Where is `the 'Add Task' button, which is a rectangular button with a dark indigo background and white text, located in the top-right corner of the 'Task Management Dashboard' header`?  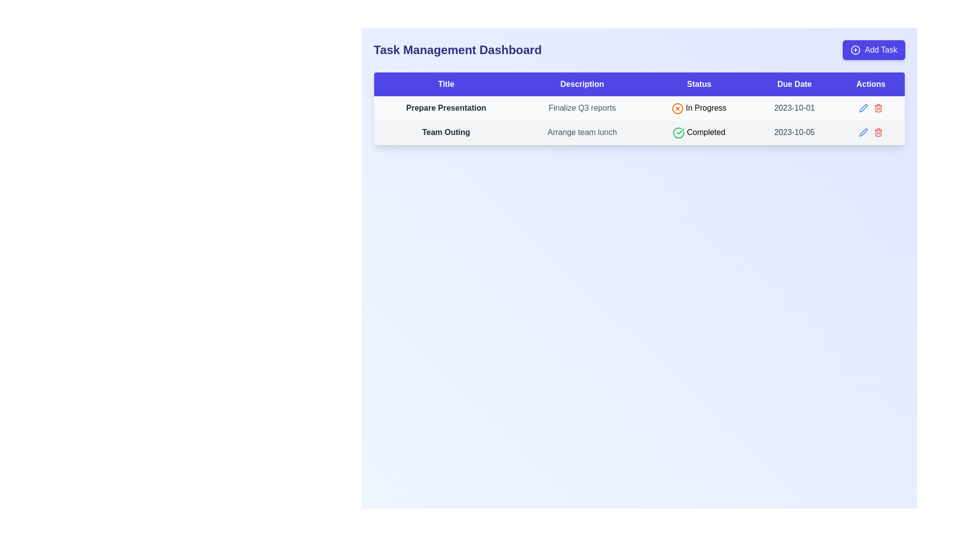 the 'Add Task' button, which is a rectangular button with a dark indigo background and white text, located in the top-right corner of the 'Task Management Dashboard' header is located at coordinates (874, 50).